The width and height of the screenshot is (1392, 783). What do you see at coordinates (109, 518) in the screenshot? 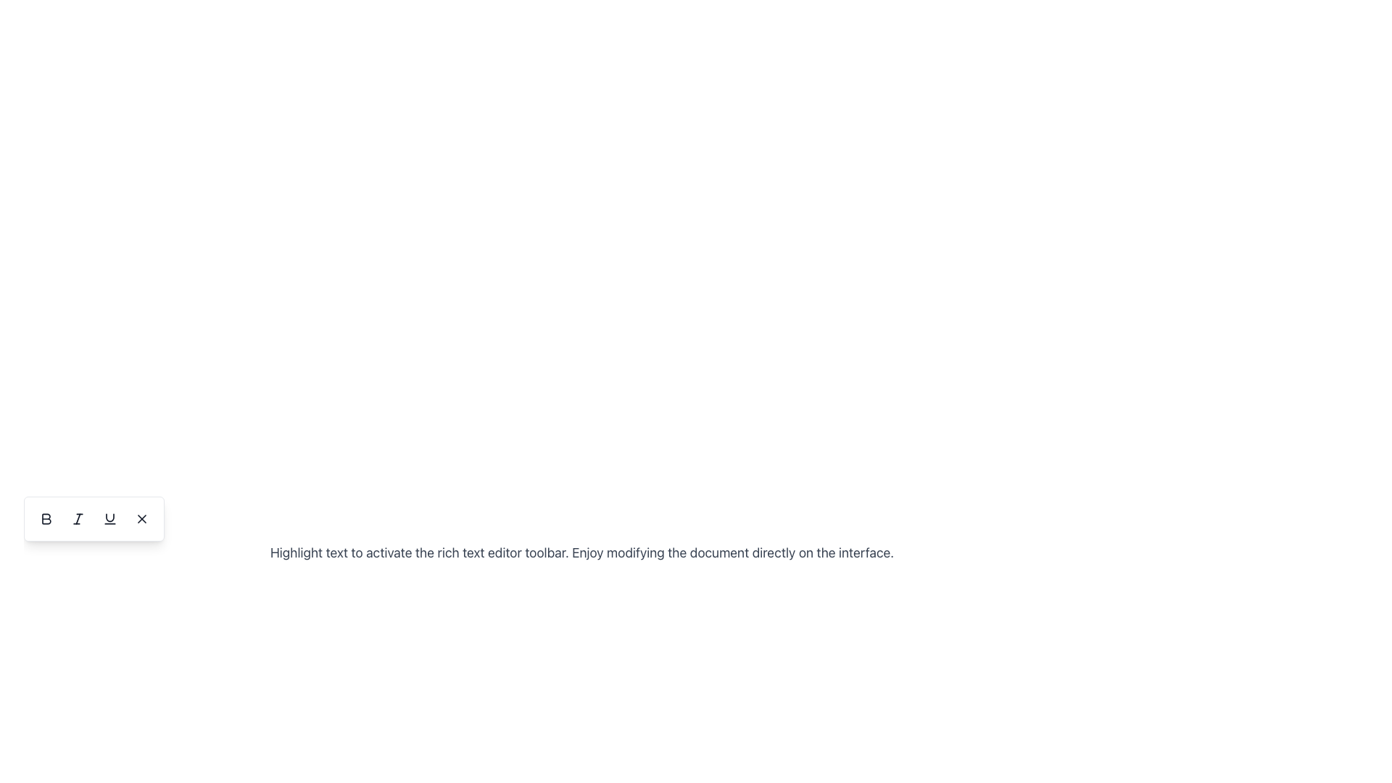
I see `the small dark gray underline icon located at the bottom center of the floating toolbar for potential additional interactions` at bounding box center [109, 518].